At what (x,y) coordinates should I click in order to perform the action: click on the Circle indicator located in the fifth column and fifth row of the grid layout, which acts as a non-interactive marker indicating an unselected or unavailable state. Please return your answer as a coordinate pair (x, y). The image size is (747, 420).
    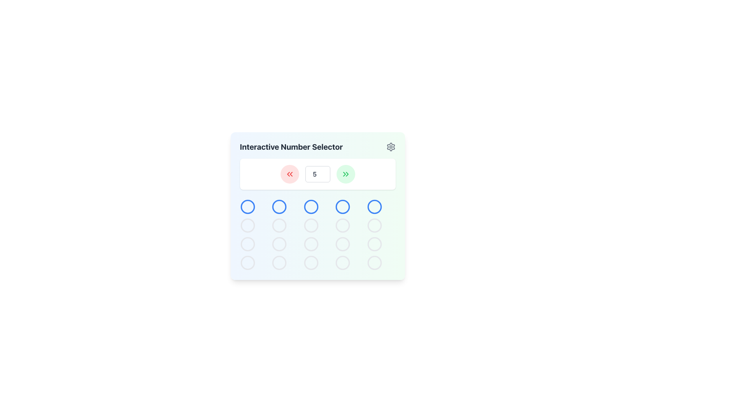
    Looking at the image, I should click on (374, 262).